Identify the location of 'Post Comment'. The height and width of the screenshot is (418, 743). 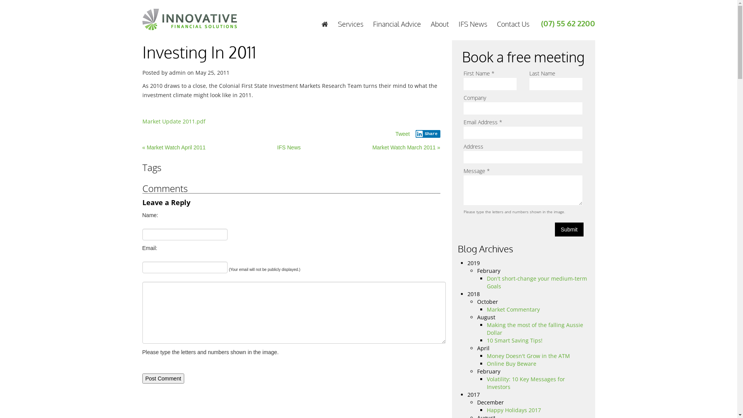
(163, 378).